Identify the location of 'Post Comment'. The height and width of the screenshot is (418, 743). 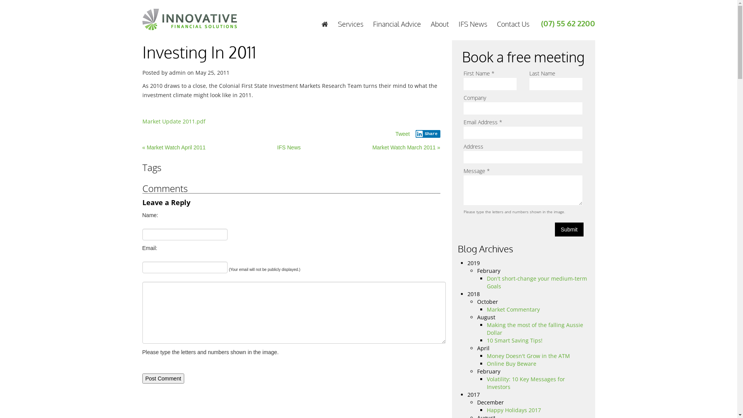
(163, 378).